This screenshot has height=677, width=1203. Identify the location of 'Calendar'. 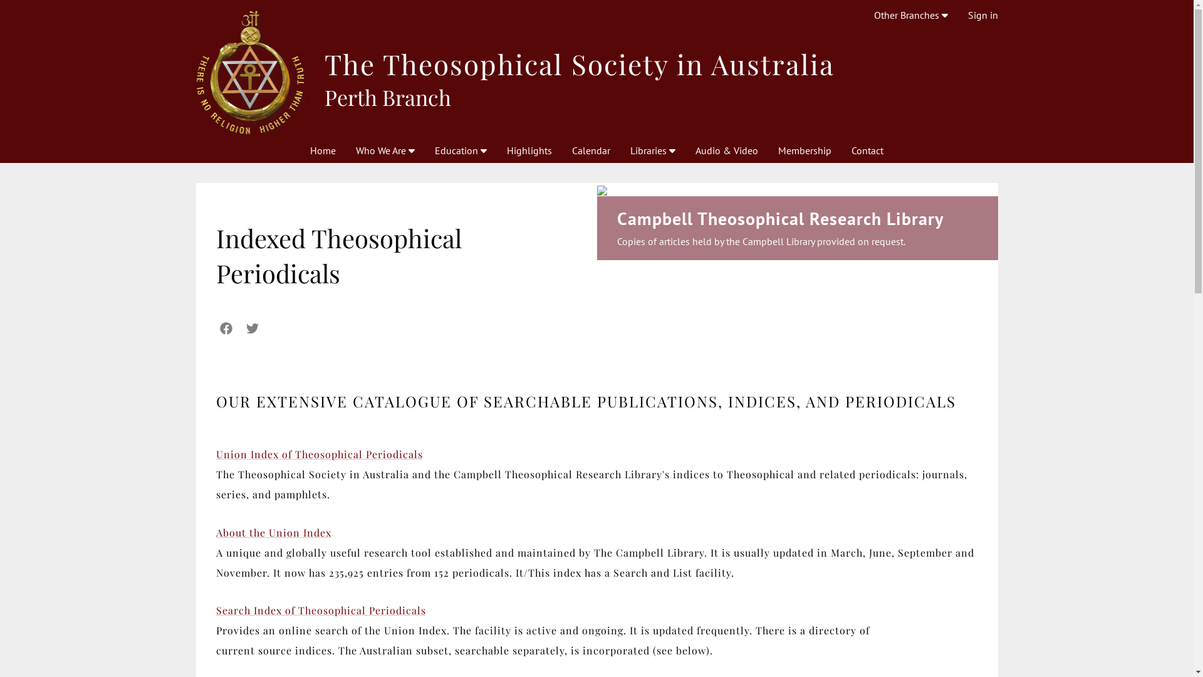
(590, 149).